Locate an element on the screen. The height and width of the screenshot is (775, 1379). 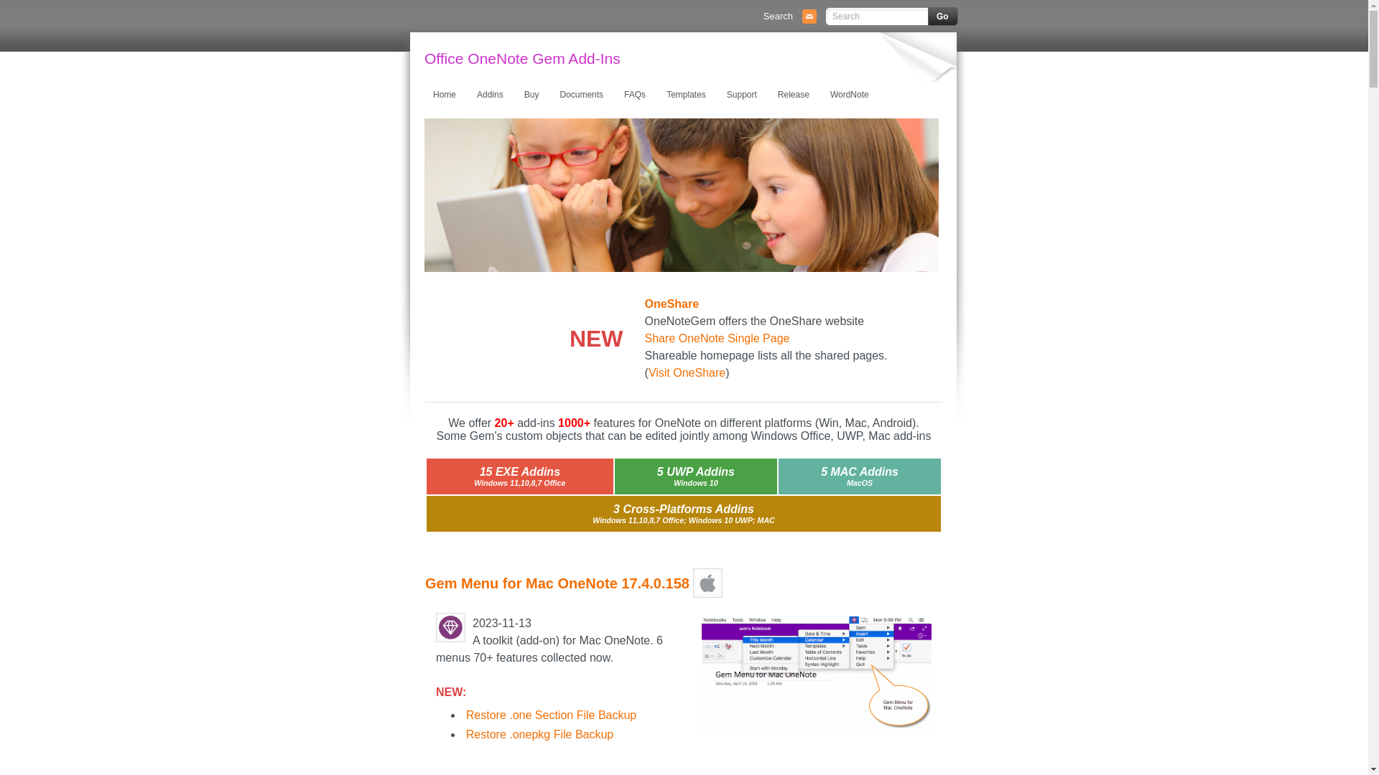
'FAQs' is located at coordinates (633, 94).